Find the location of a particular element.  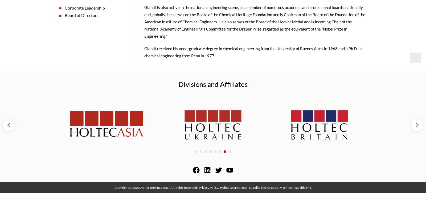

'Glandt is also active in the national engineering scene, as a member of numerous academic and professional boards, nationally and globally. He serves on the Board of the Chemical Heritage Foundation and is Chairman of the Board of the Foundation of the American Institute of Chemical Engineers. He also serves of the Board of the Hoover Medal and is incoming Chair of the National Academy of Engineering’s Committee for the Draper Prize, regarded as the equivalent of the “Nobel Prize in Engineering.”' is located at coordinates (254, 23).